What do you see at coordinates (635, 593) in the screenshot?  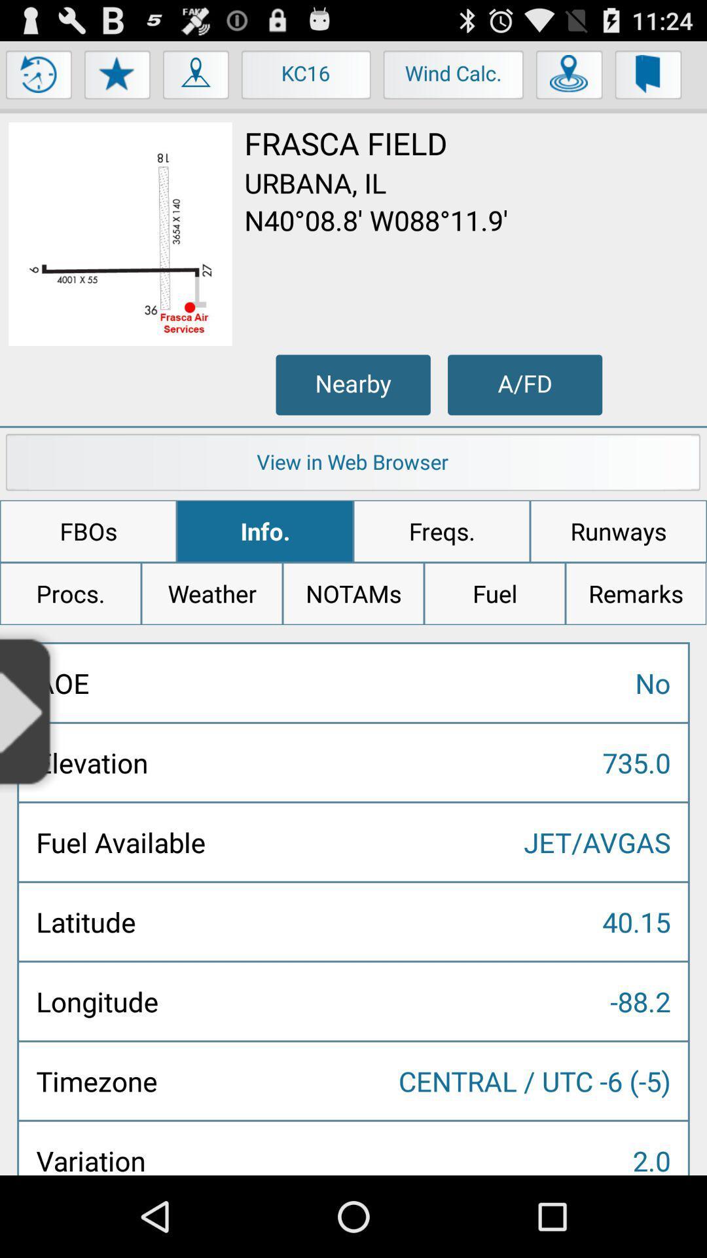 I see `the icon above no` at bounding box center [635, 593].